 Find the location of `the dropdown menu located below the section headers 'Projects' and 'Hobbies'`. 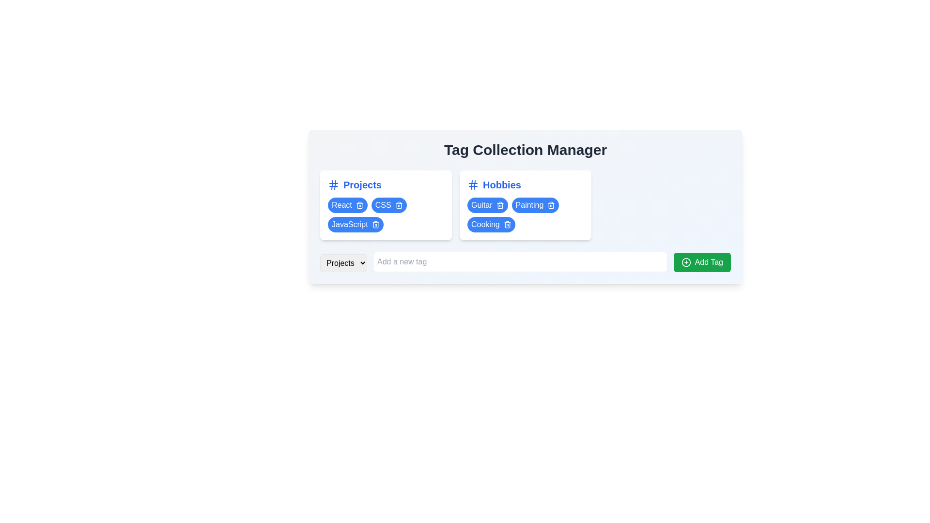

the dropdown menu located below the section headers 'Projects' and 'Hobbies' is located at coordinates (343, 263).